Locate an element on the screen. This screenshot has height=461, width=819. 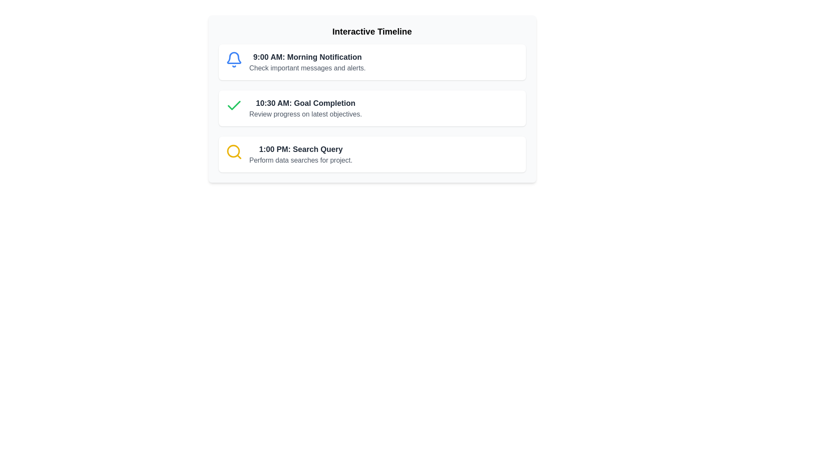
the yellow search icon, which is styled with a circular border and represents a search symbol, located at the start of the '1:00 PM: Search Query' item in the timeline is located at coordinates (234, 151).